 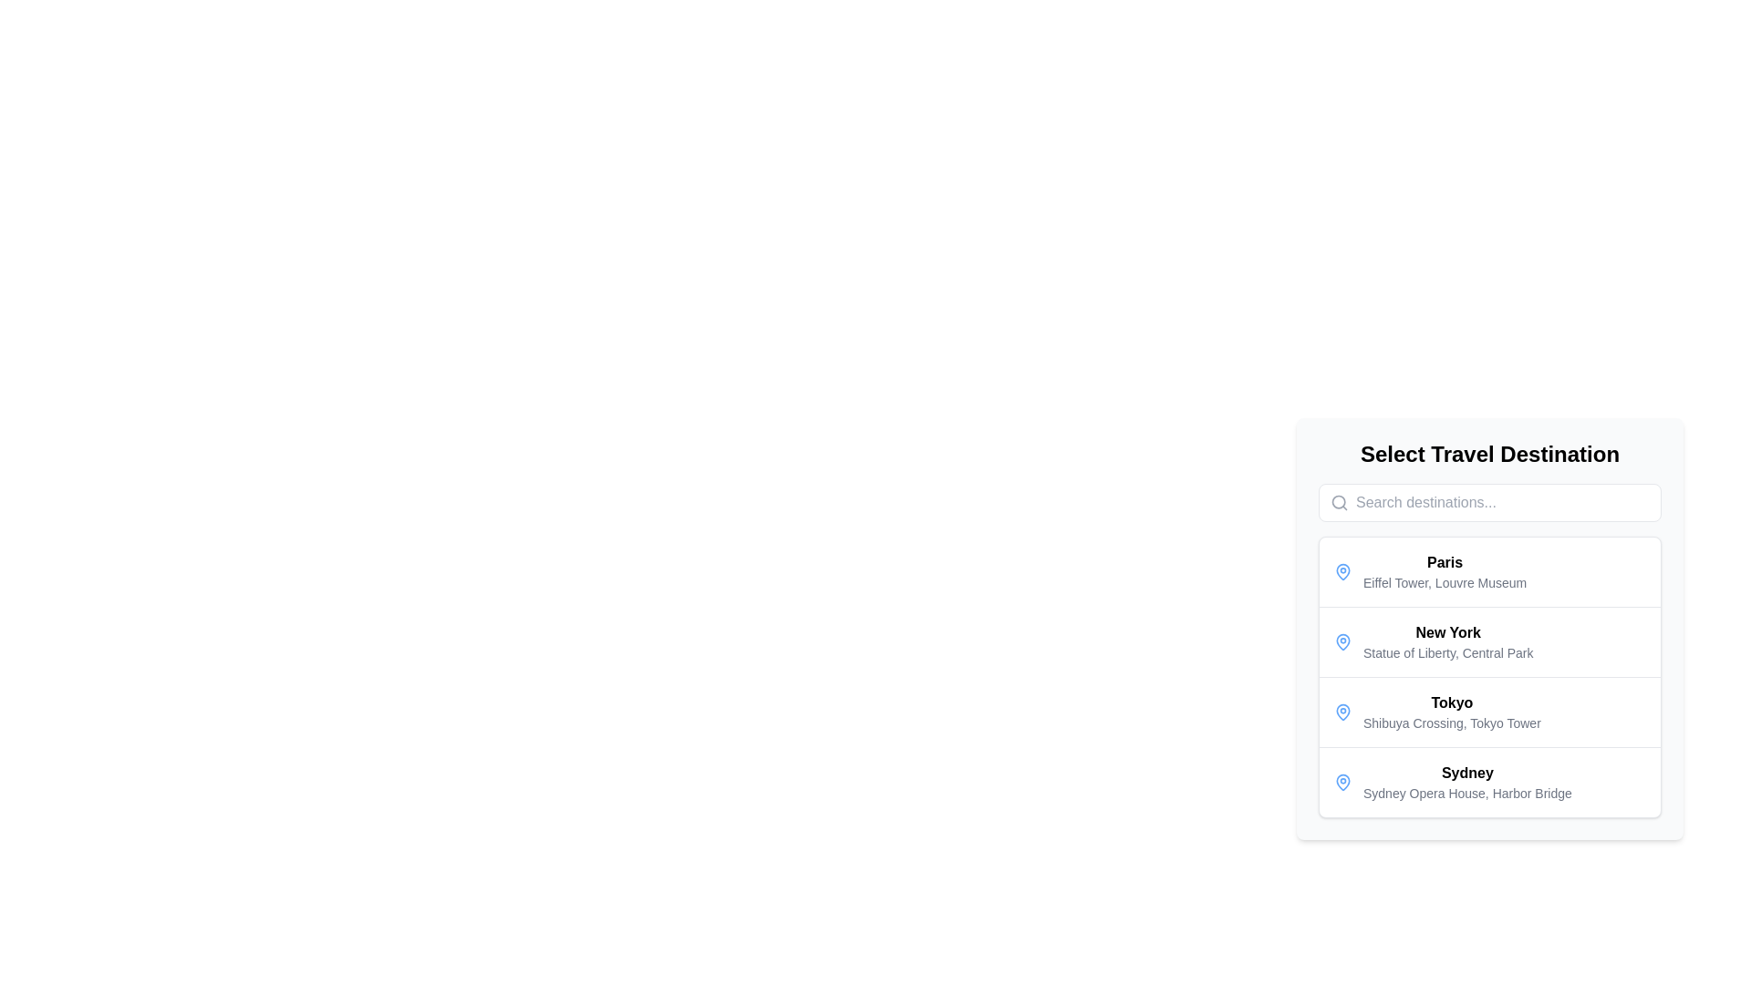 I want to click on the interactive list item for 'New York', so click(x=1489, y=677).